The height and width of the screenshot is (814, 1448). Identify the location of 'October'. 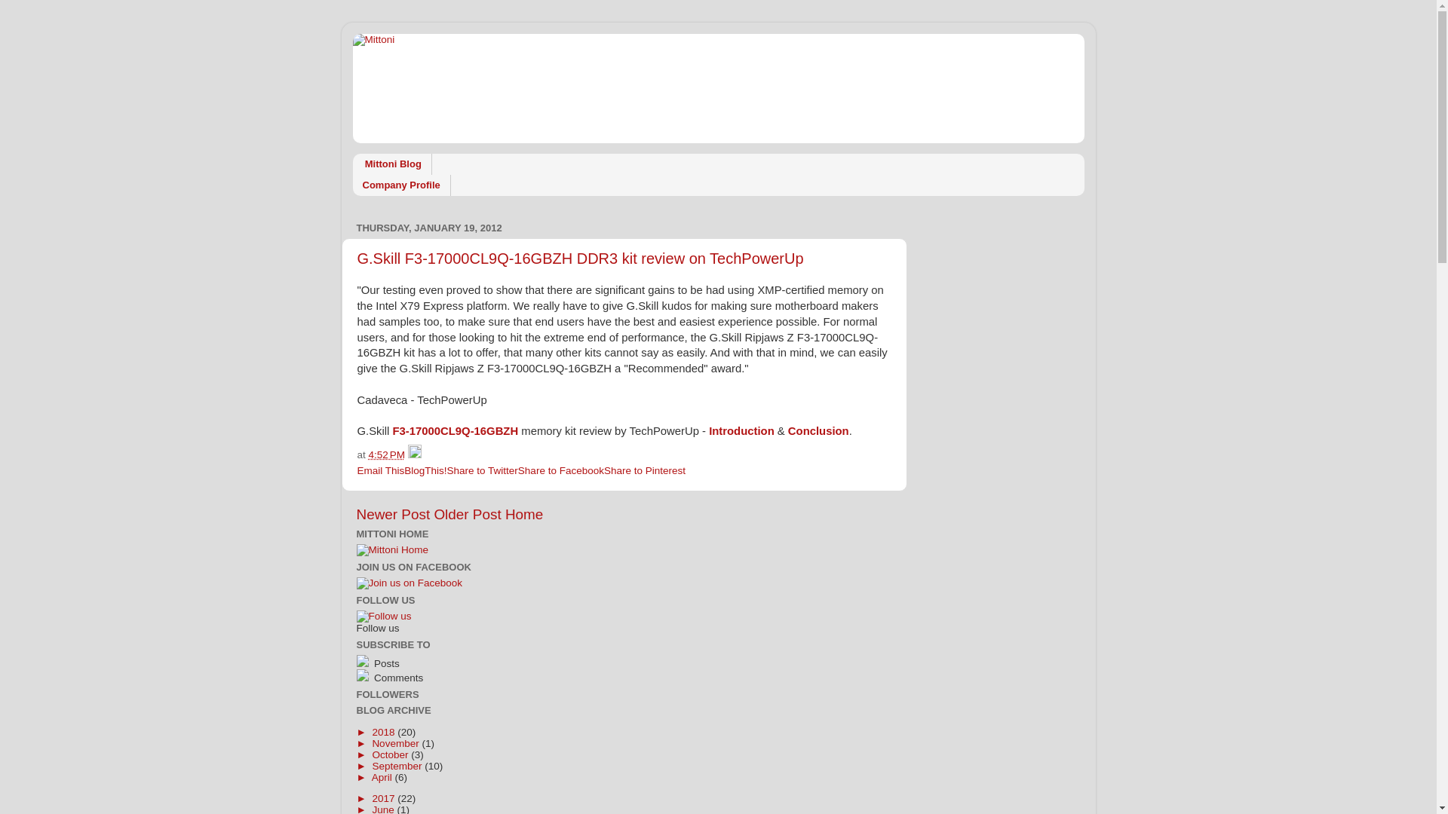
(372, 754).